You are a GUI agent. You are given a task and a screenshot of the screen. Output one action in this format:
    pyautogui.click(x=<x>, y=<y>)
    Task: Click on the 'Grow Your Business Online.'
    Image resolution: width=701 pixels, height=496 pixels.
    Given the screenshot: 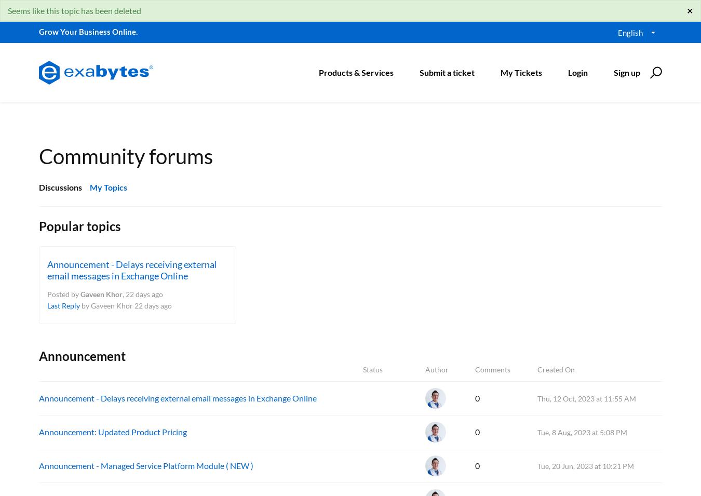 What is the action you would take?
    pyautogui.click(x=88, y=31)
    